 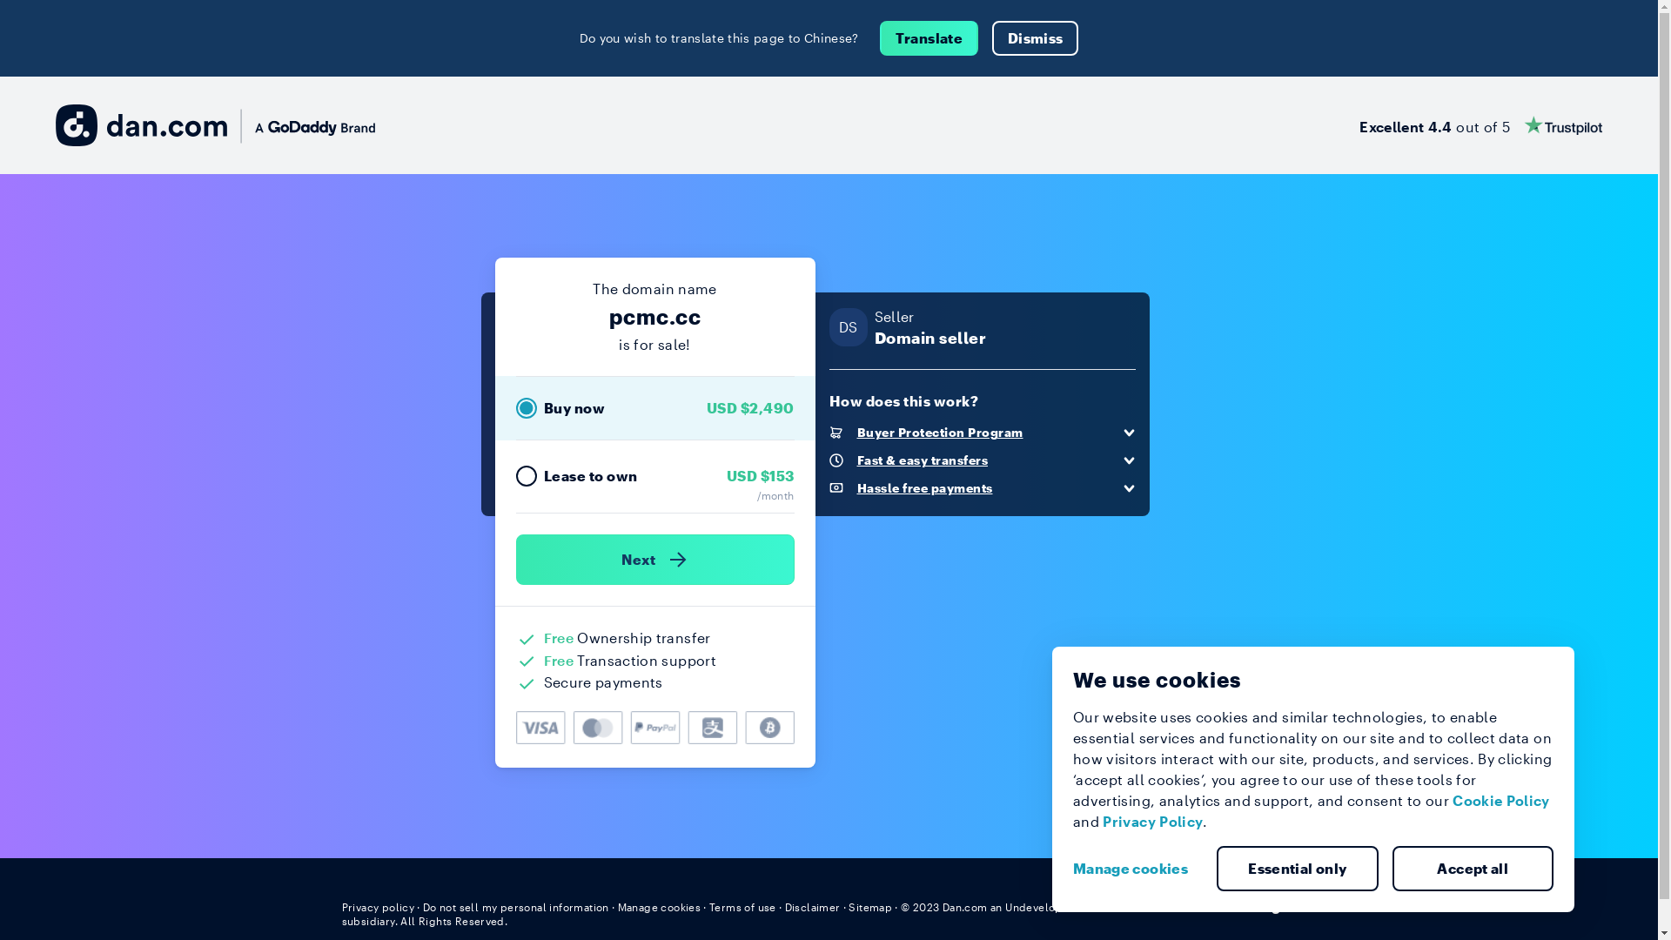 I want to click on 'Disclaimer', so click(x=812, y=905).